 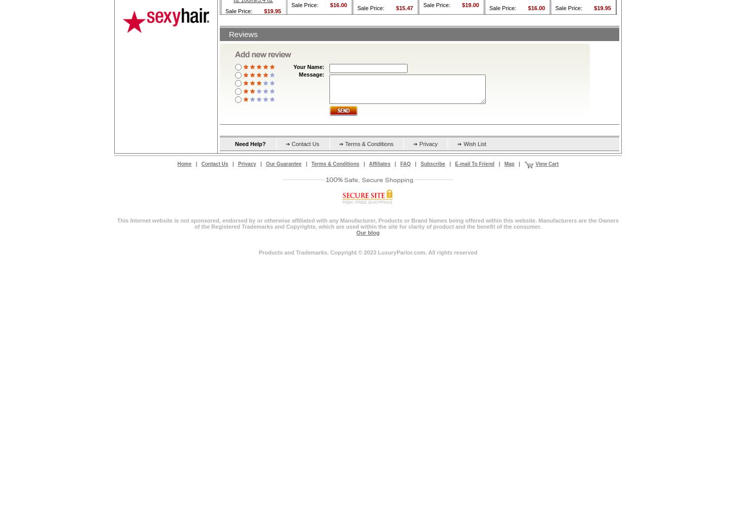 I want to click on 'View Cart', so click(x=547, y=163).